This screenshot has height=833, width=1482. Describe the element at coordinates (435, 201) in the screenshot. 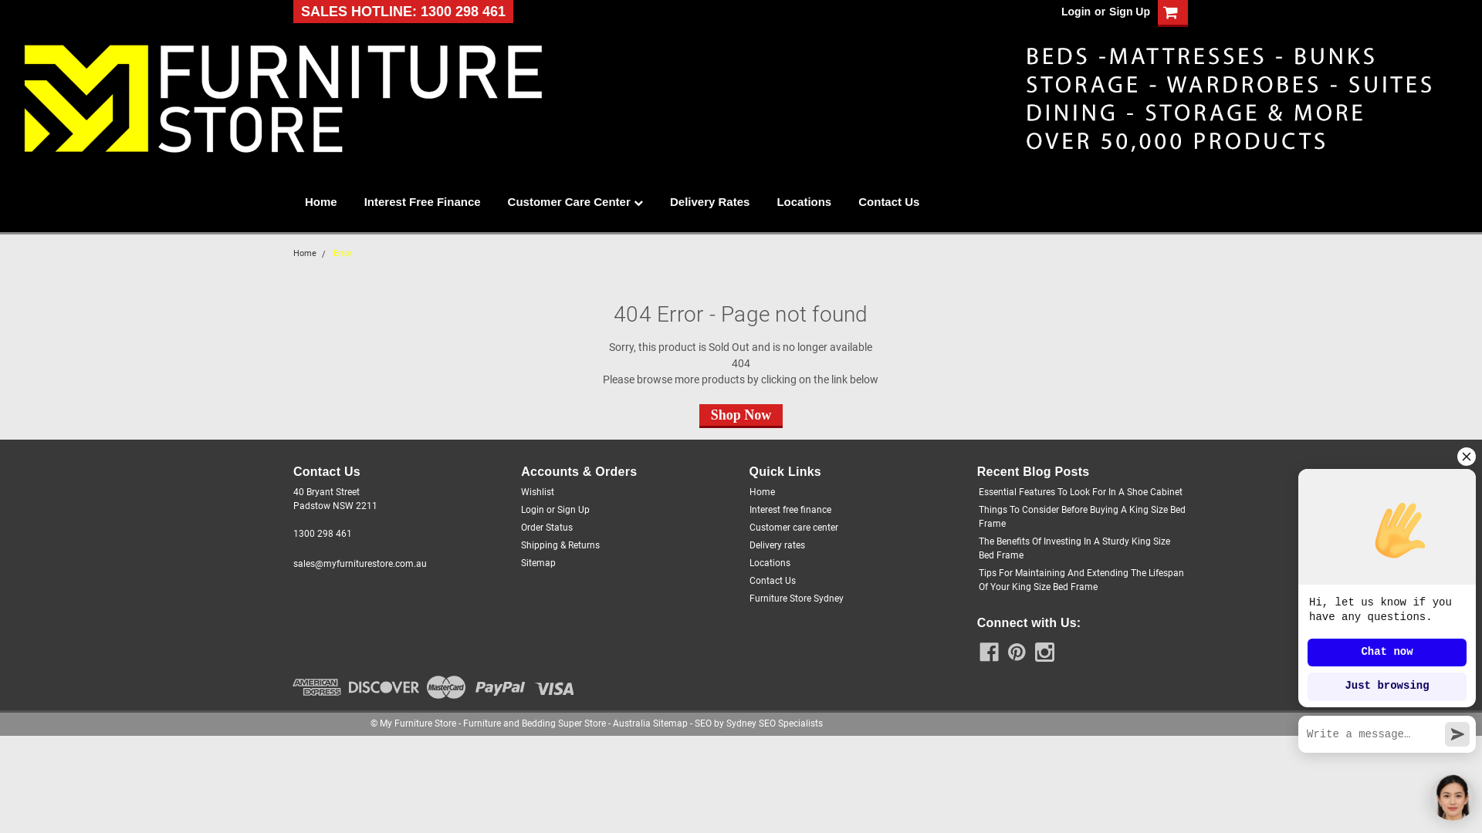

I see `'Interest Free Finance'` at that location.